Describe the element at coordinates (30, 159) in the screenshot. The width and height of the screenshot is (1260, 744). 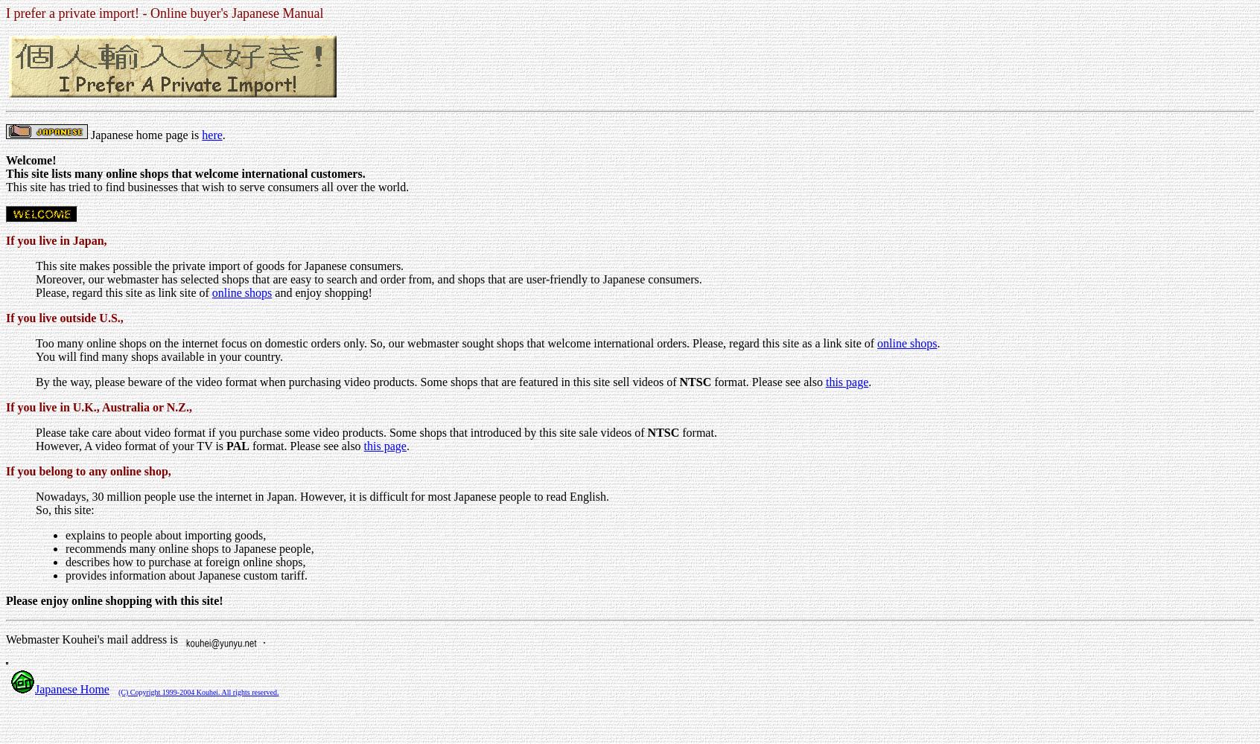
I see `'Welcome!'` at that location.